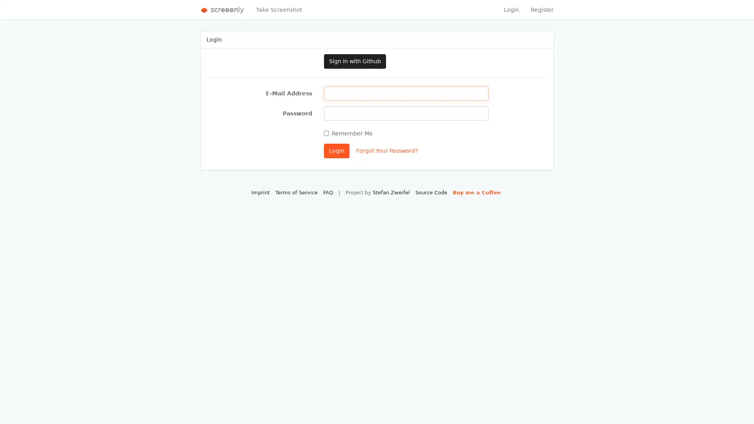 The width and height of the screenshot is (754, 424). I want to click on Login, so click(337, 151).